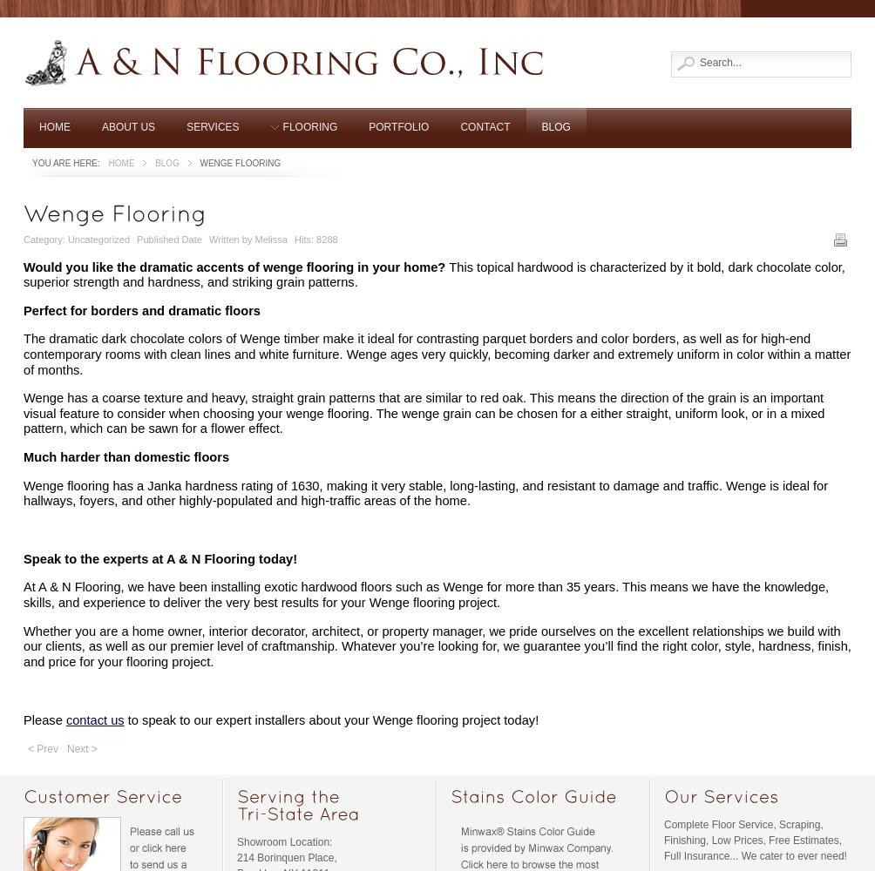 This screenshot has width=875, height=871. Describe the element at coordinates (98, 240) in the screenshot. I see `'Uncategorized'` at that location.